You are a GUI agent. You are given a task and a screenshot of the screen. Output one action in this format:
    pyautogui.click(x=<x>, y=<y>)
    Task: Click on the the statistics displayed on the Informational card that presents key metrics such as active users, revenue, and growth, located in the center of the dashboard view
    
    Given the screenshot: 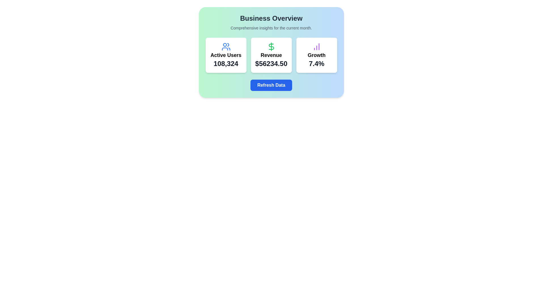 What is the action you would take?
    pyautogui.click(x=271, y=52)
    